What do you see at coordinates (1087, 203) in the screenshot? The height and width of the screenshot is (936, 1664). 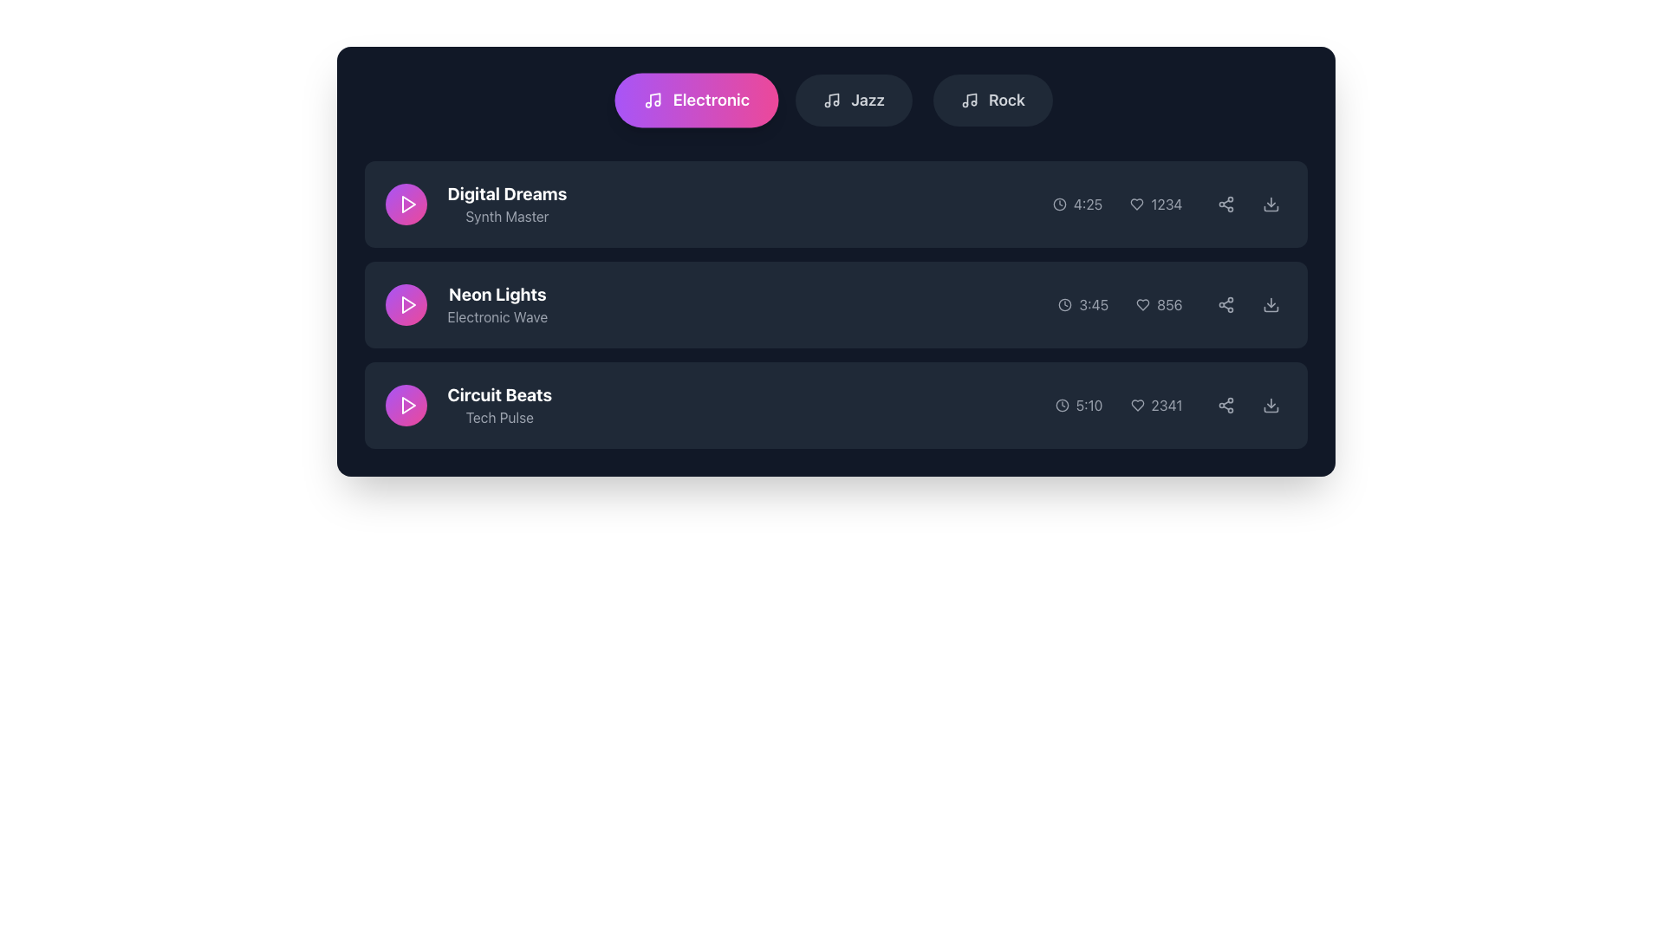 I see `the Text label that displays the duration of a media item, positioned to the right of the clock icon in the first row of the list under the 'Electronic' section` at bounding box center [1087, 203].